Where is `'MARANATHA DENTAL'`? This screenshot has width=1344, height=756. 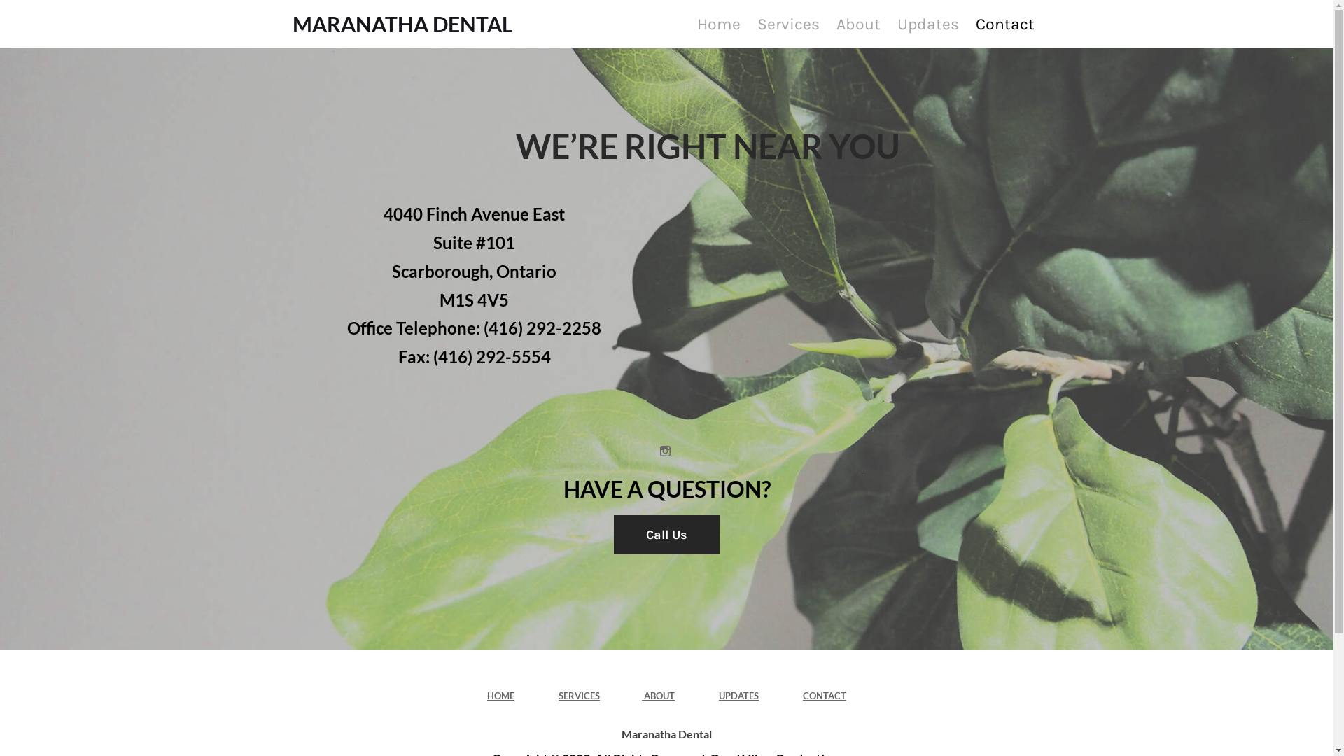
'MARANATHA DENTAL' is located at coordinates (402, 24).